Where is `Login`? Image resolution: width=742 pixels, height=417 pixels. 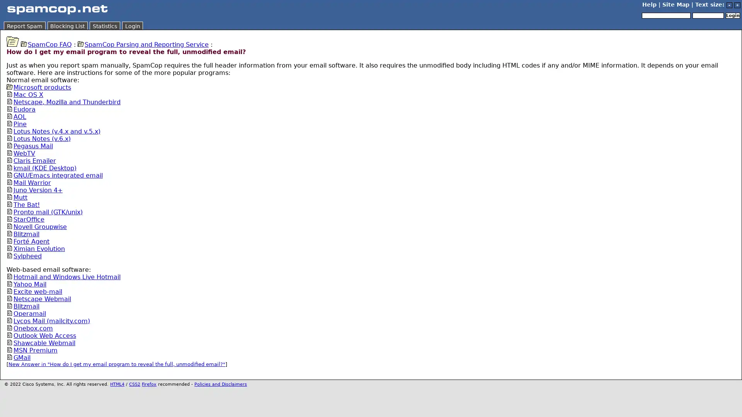
Login is located at coordinates (732, 15).